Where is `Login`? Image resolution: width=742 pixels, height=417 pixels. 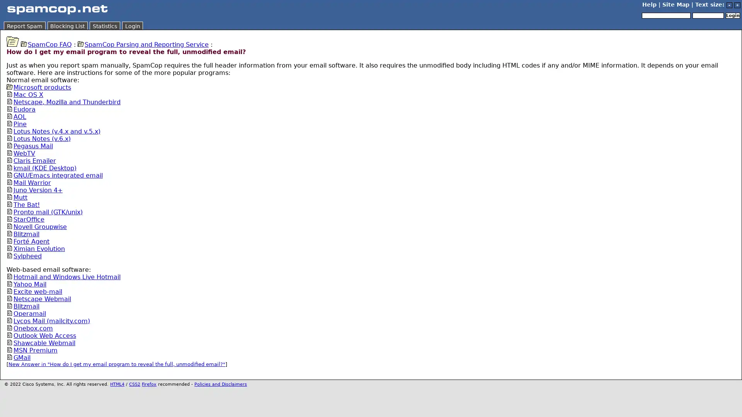
Login is located at coordinates (732, 15).